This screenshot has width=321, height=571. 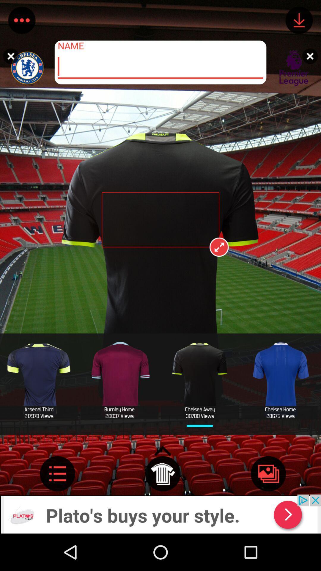 I want to click on the close icon, so click(x=9, y=56).